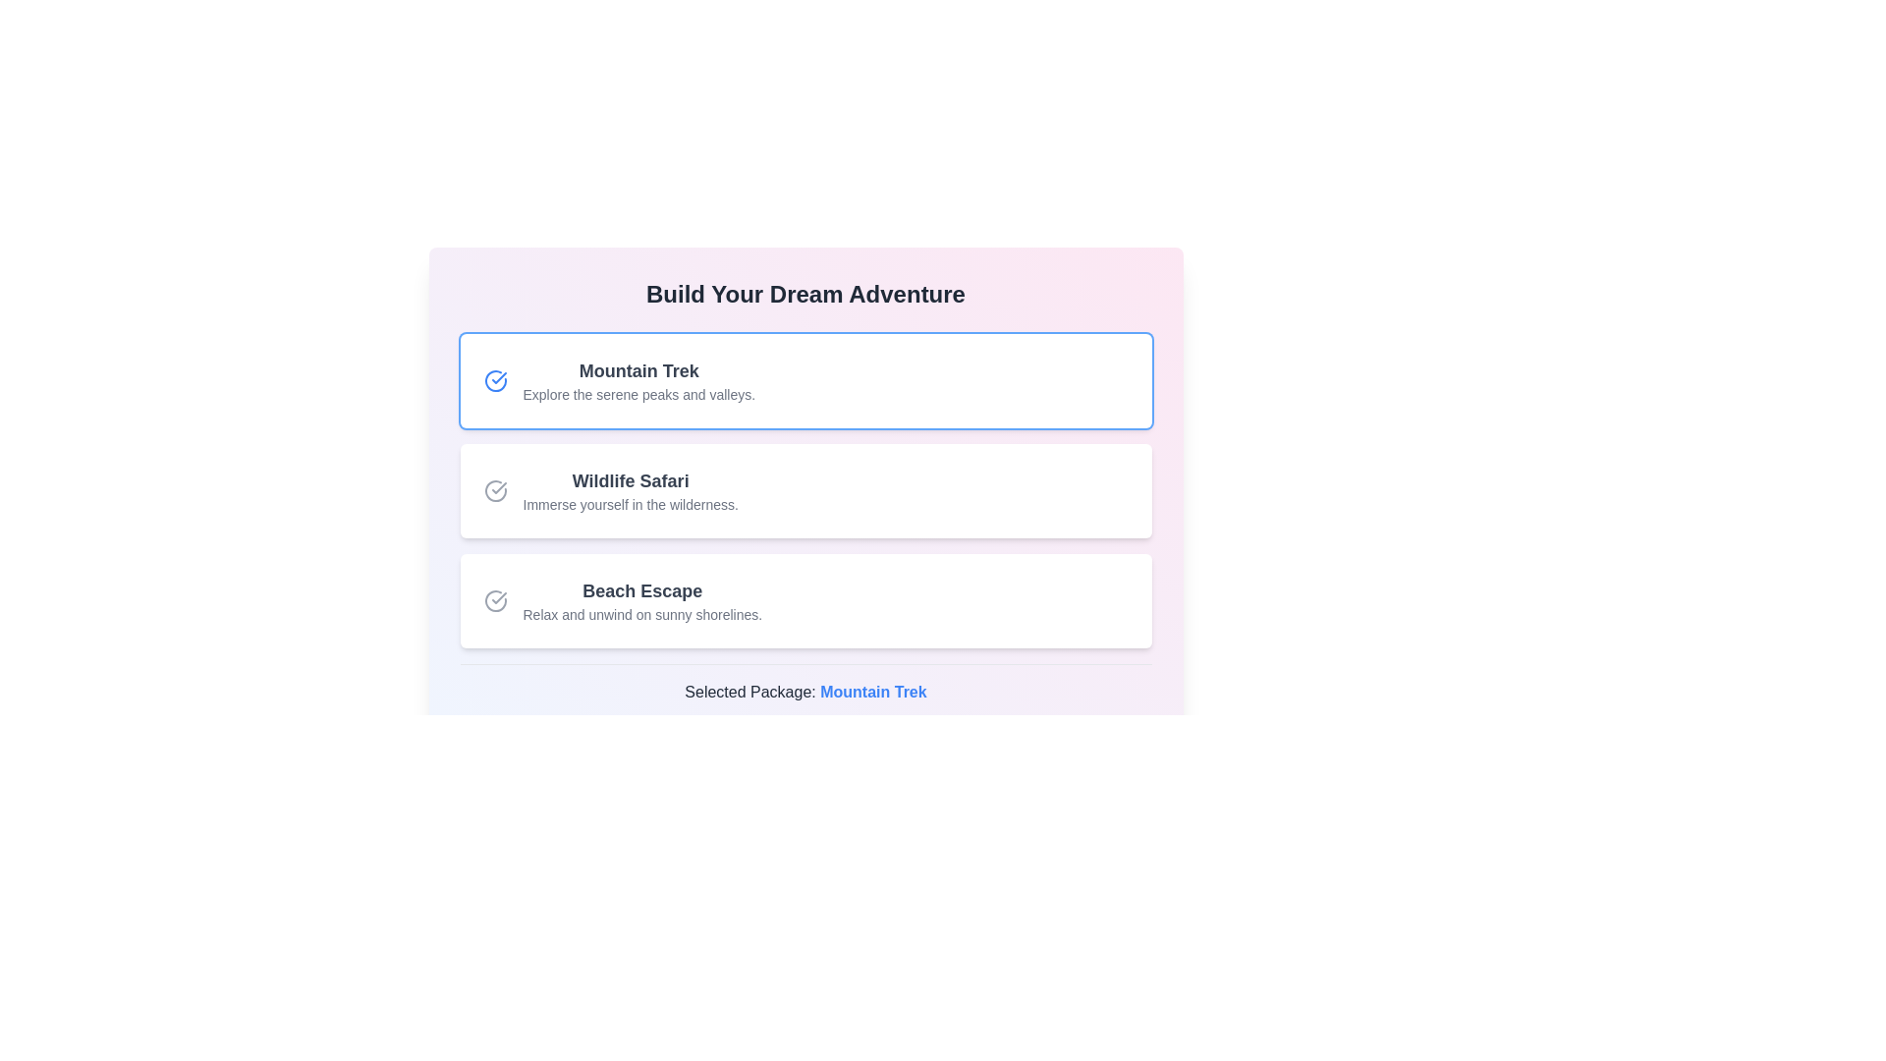 The height and width of the screenshot is (1061, 1886). I want to click on information displayed in the text block titled 'Wildlife Safari', which includes a header in bold and a subtext about immersing in the wilderness, so click(631, 490).